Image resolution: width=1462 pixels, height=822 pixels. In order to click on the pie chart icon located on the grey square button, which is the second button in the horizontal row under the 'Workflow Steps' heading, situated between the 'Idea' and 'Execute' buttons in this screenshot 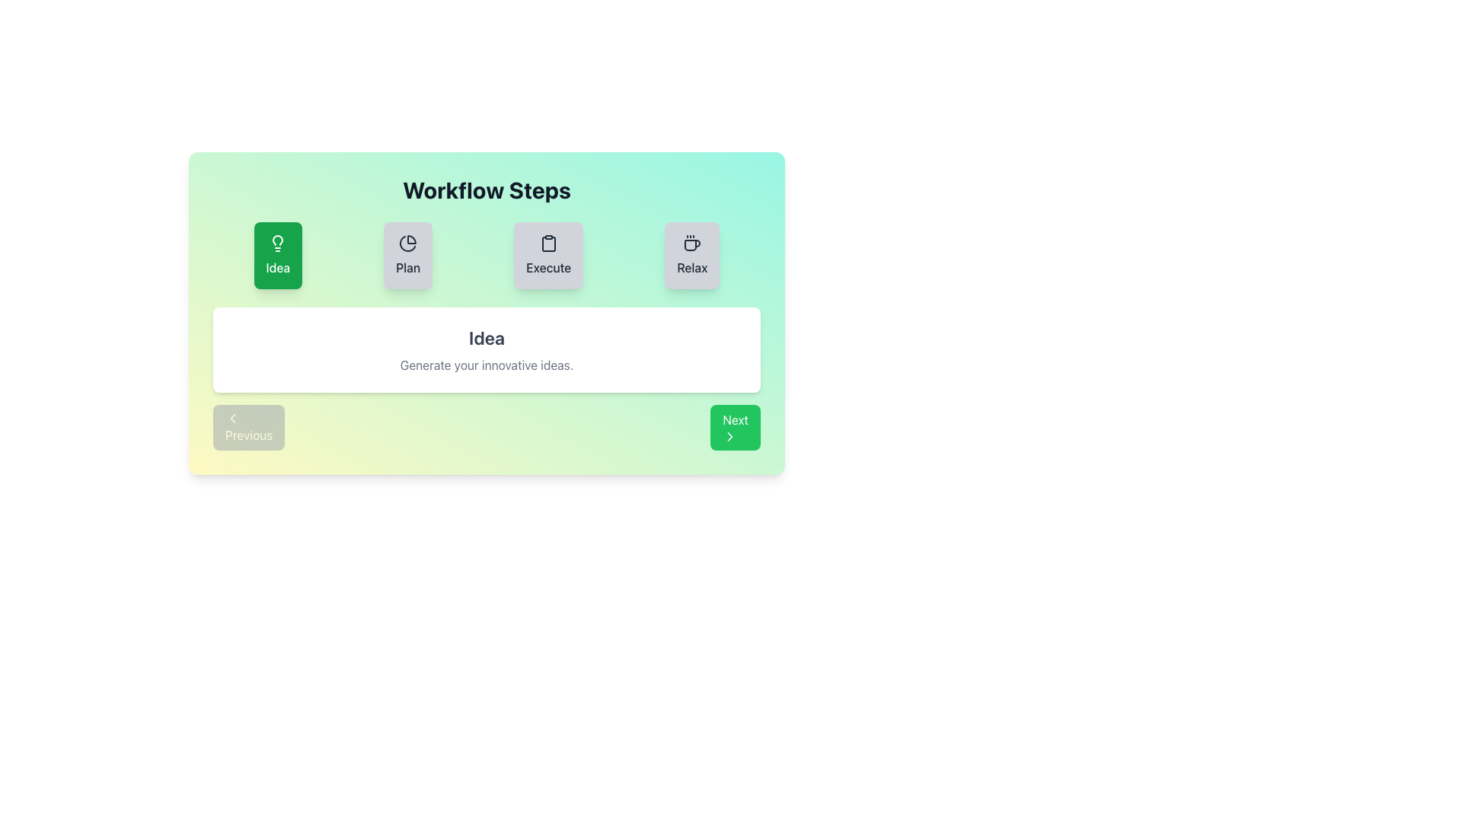, I will do `click(408, 243)`.